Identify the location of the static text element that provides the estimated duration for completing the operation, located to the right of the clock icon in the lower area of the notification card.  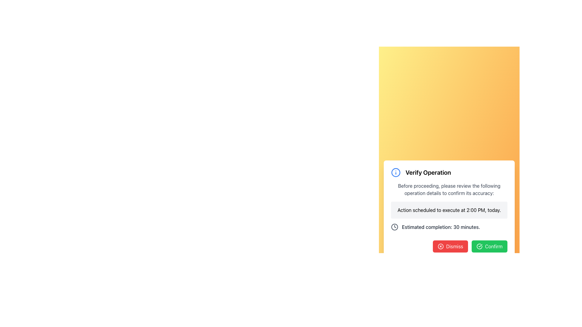
(441, 227).